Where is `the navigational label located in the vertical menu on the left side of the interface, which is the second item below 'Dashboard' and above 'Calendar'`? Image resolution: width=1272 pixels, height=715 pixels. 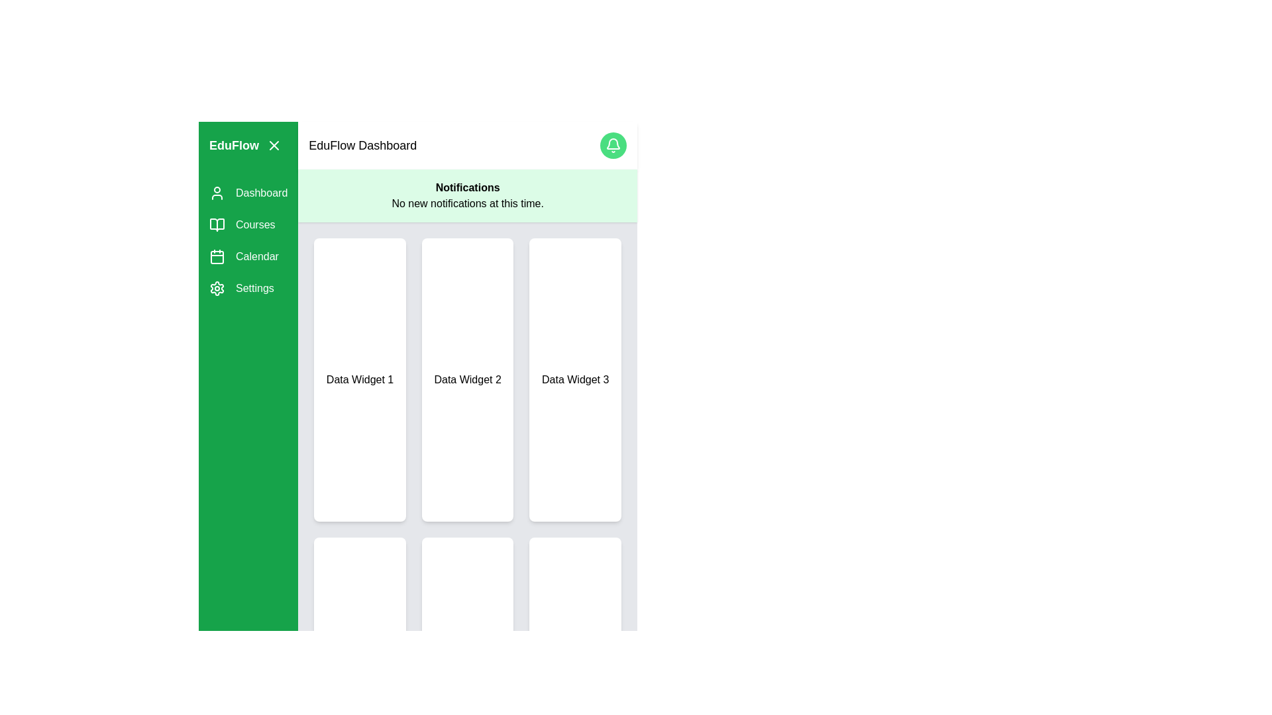 the navigational label located in the vertical menu on the left side of the interface, which is the second item below 'Dashboard' and above 'Calendar' is located at coordinates (255, 224).